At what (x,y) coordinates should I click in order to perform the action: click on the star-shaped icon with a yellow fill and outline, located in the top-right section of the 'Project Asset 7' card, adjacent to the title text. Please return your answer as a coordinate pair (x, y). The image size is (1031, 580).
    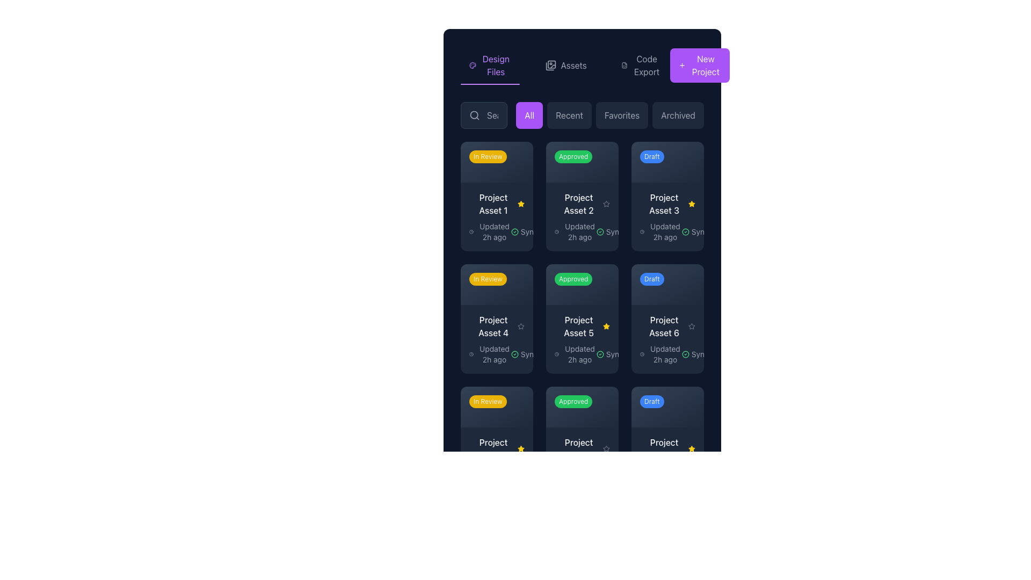
    Looking at the image, I should click on (521, 448).